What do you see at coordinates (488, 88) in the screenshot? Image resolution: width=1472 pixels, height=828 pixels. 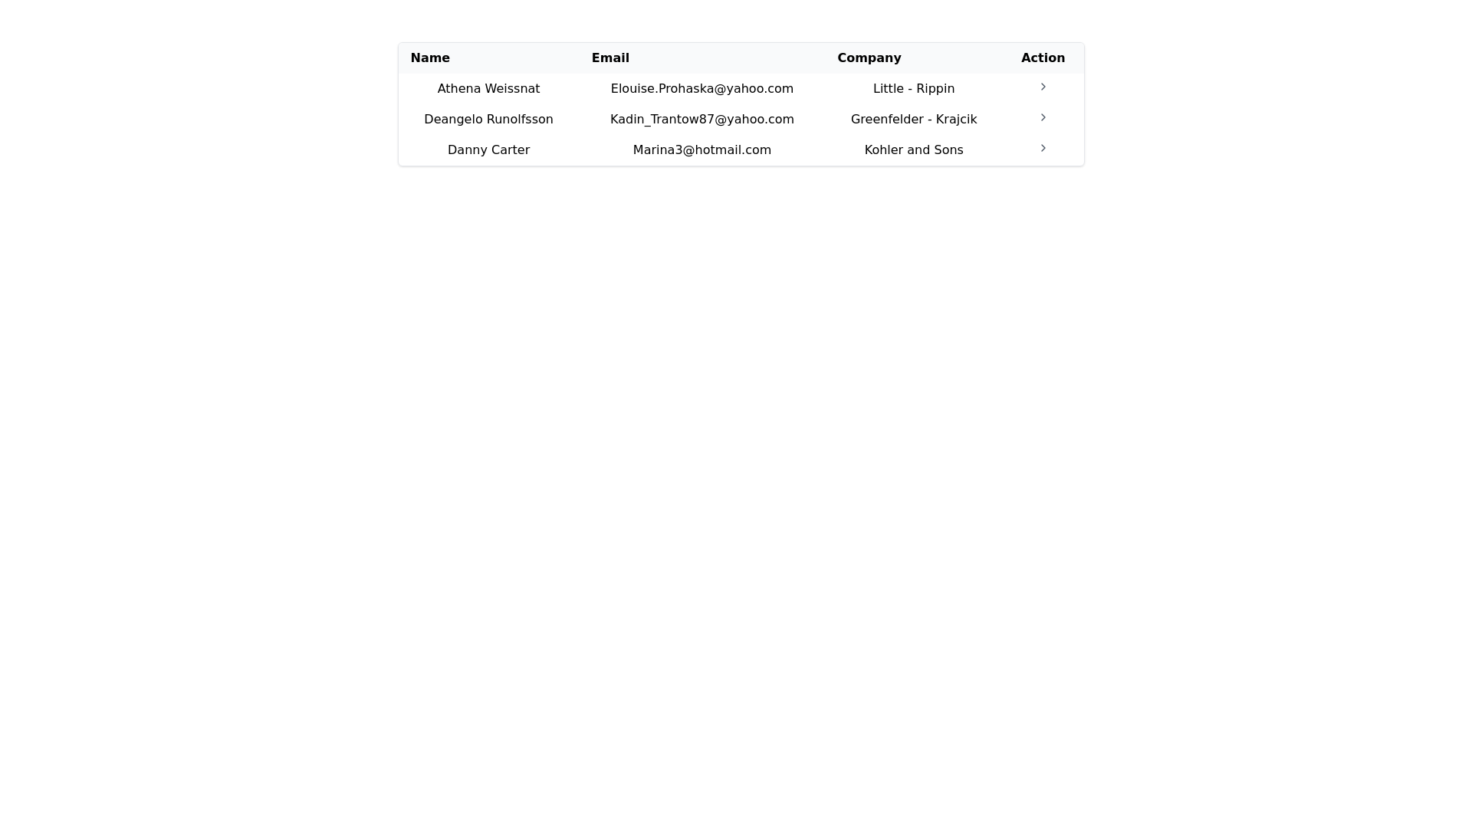 I see `the table cell displaying the name of an individual located in the first row and first column of the table beneath the 'Name' header to interact with the row` at bounding box center [488, 88].